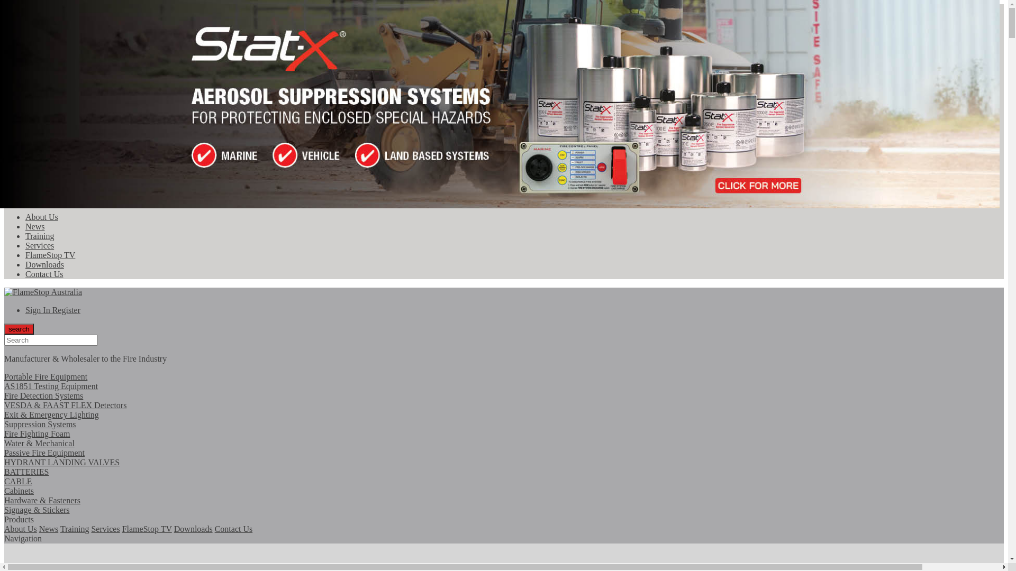 The height and width of the screenshot is (571, 1016). Describe the element at coordinates (4, 438) in the screenshot. I see `'Fire Fighting Foam'` at that location.